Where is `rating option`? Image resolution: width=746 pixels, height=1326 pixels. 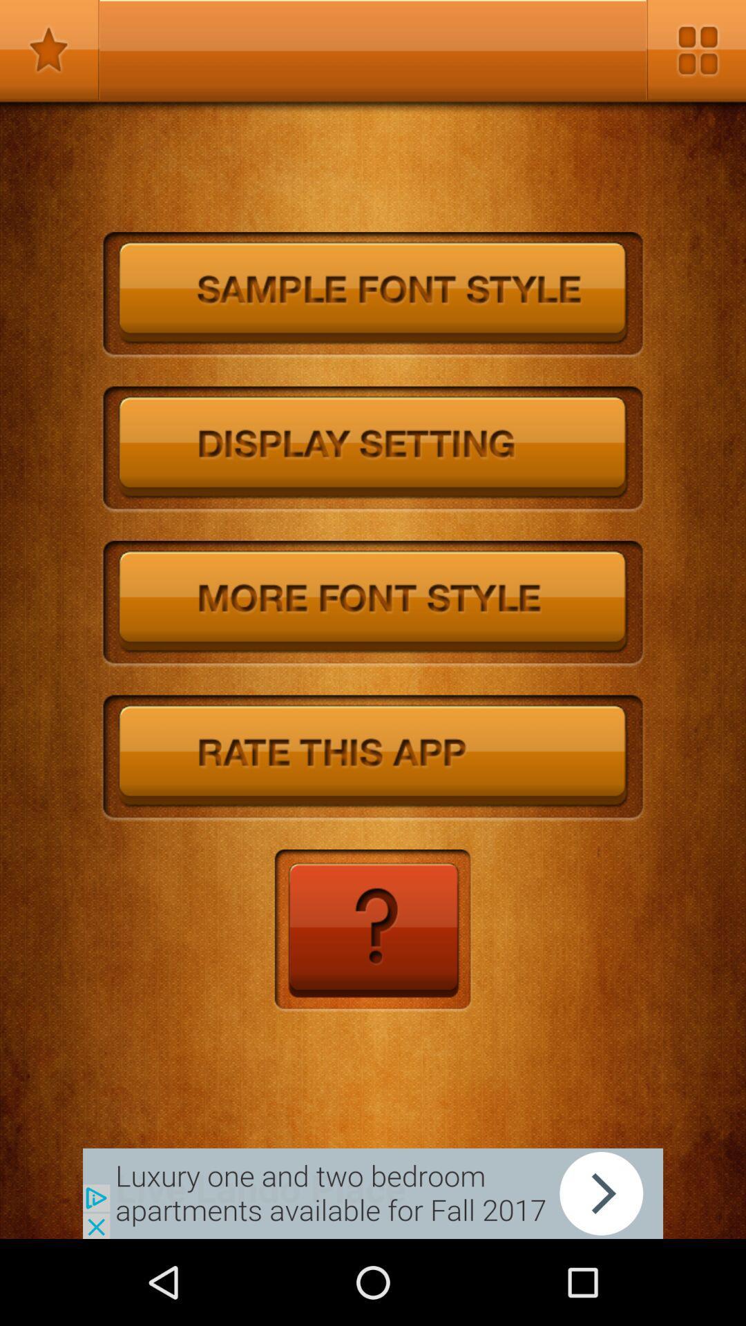
rating option is located at coordinates (373, 758).